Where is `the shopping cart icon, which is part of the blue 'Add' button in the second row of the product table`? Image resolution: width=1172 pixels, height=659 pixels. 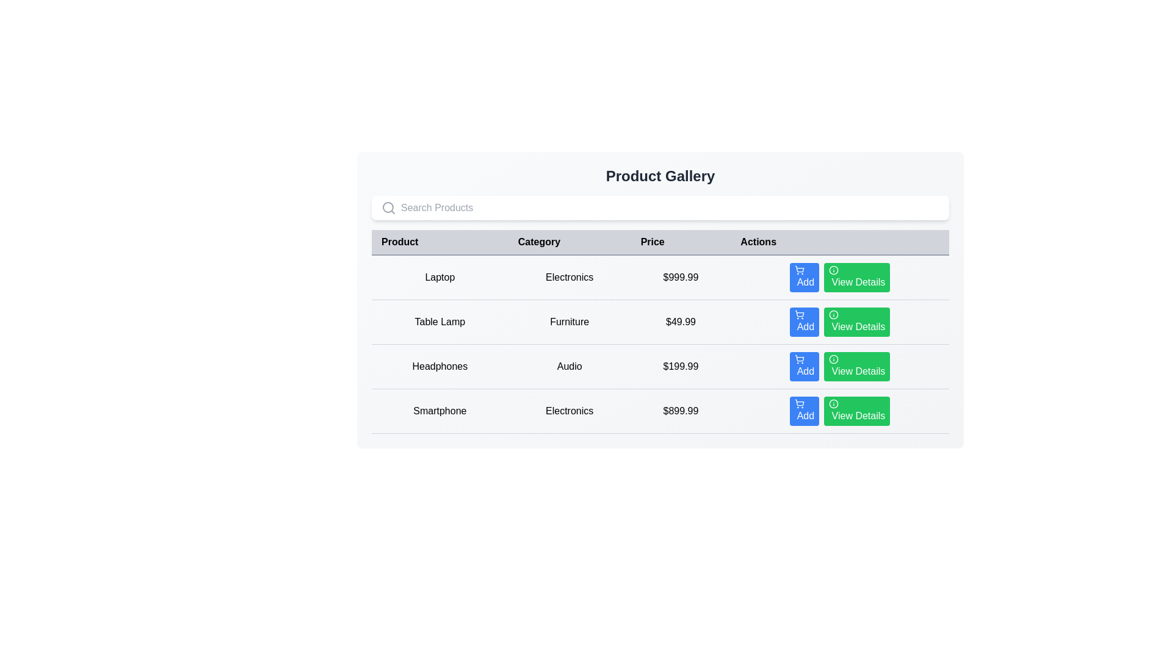
the shopping cart icon, which is part of the blue 'Add' button in the second row of the product table is located at coordinates (800, 314).